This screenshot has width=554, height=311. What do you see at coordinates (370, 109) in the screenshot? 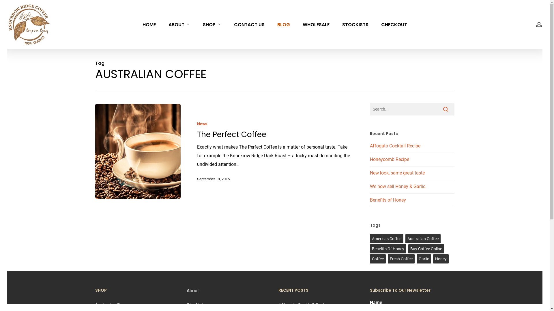
I see `'Search for:'` at bounding box center [370, 109].